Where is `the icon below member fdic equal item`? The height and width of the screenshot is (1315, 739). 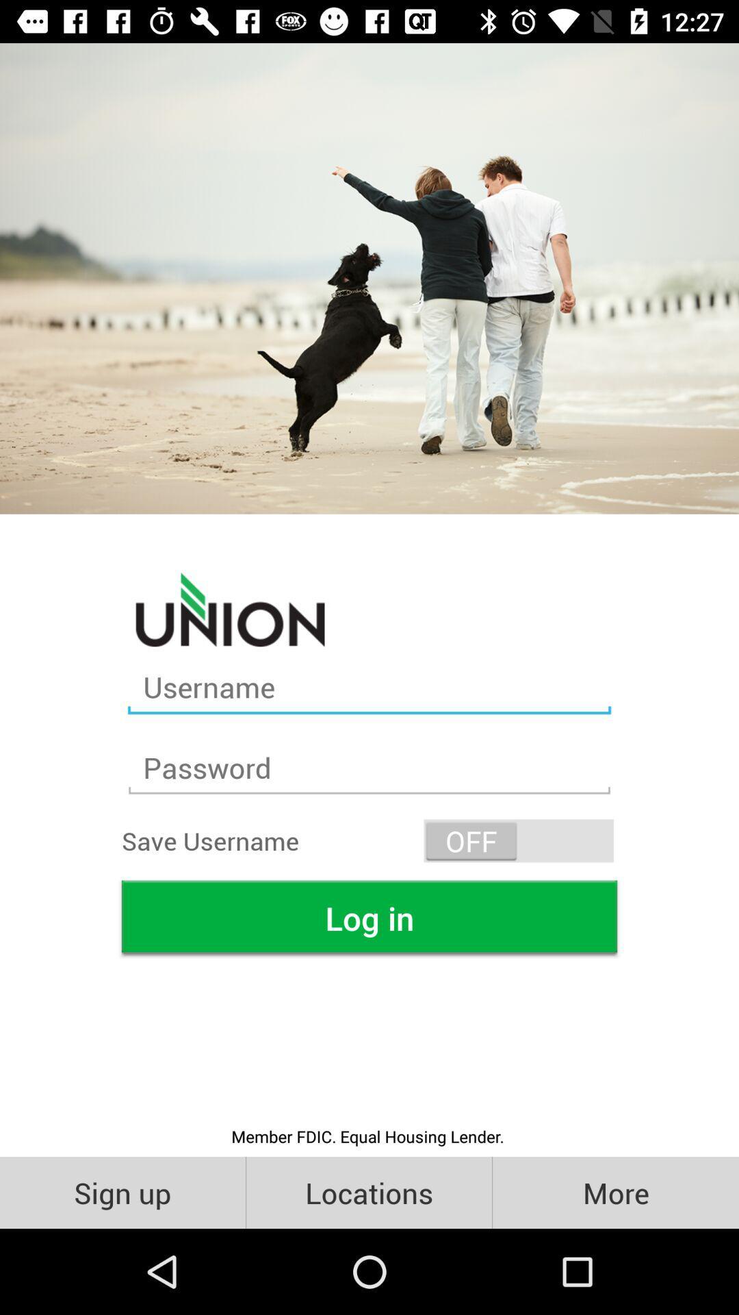
the icon below member fdic equal item is located at coordinates (368, 1192).